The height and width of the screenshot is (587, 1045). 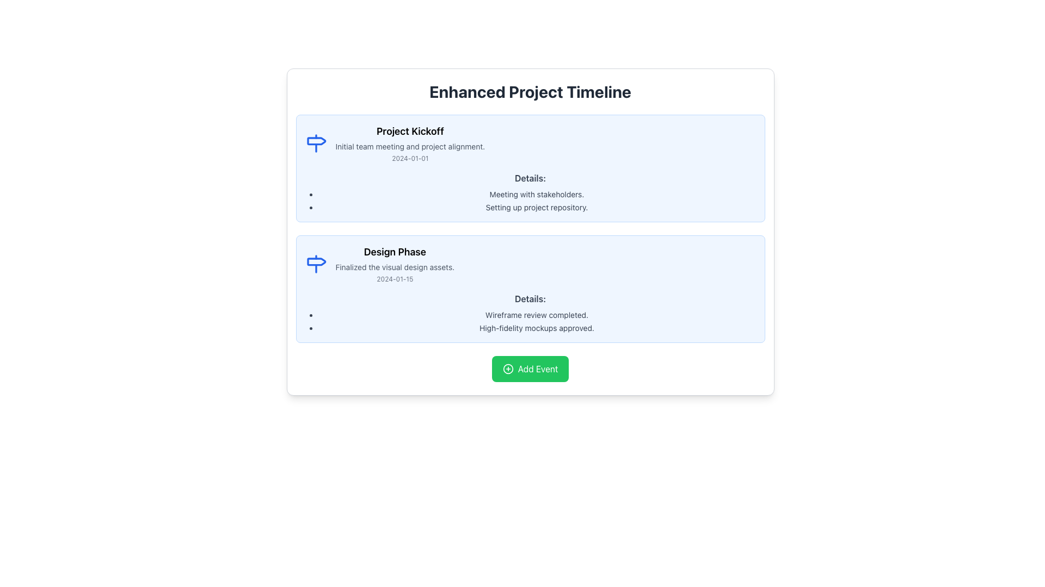 I want to click on the textual section labeled 'Details:' which contains project status bullet points, styled in gray on a light blue background, located in the 'Design Phase' section of the timeline interface, so click(x=530, y=313).